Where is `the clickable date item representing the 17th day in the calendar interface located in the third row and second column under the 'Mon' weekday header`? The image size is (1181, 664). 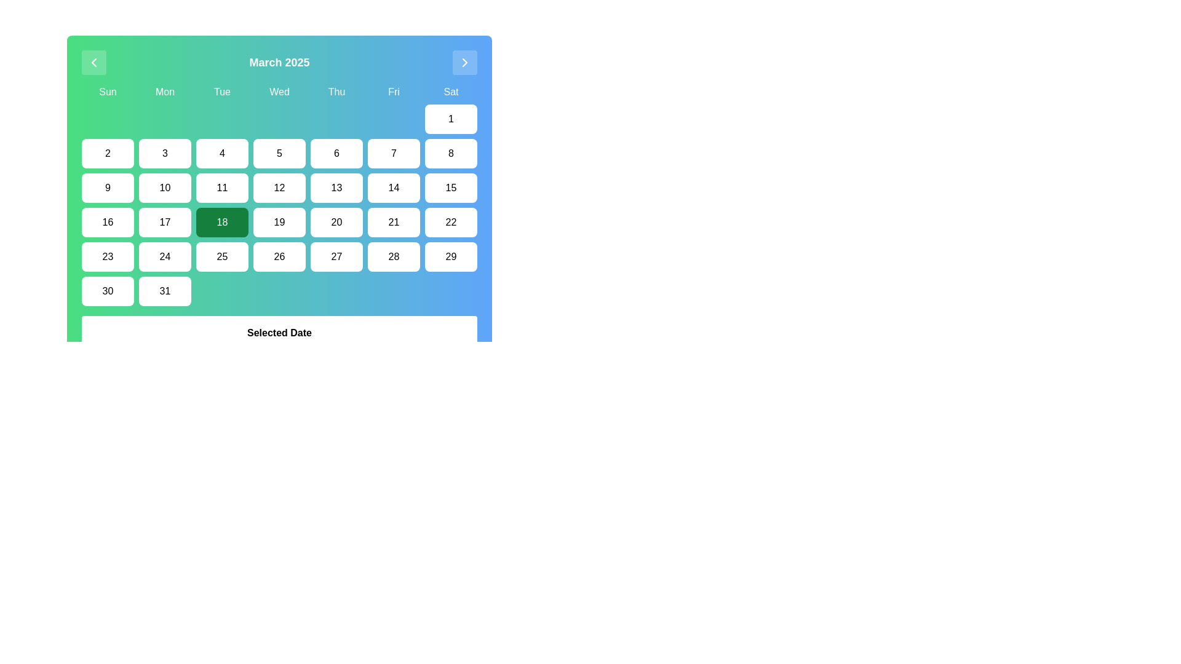 the clickable date item representing the 17th day in the calendar interface located in the third row and second column under the 'Mon' weekday header is located at coordinates (164, 223).